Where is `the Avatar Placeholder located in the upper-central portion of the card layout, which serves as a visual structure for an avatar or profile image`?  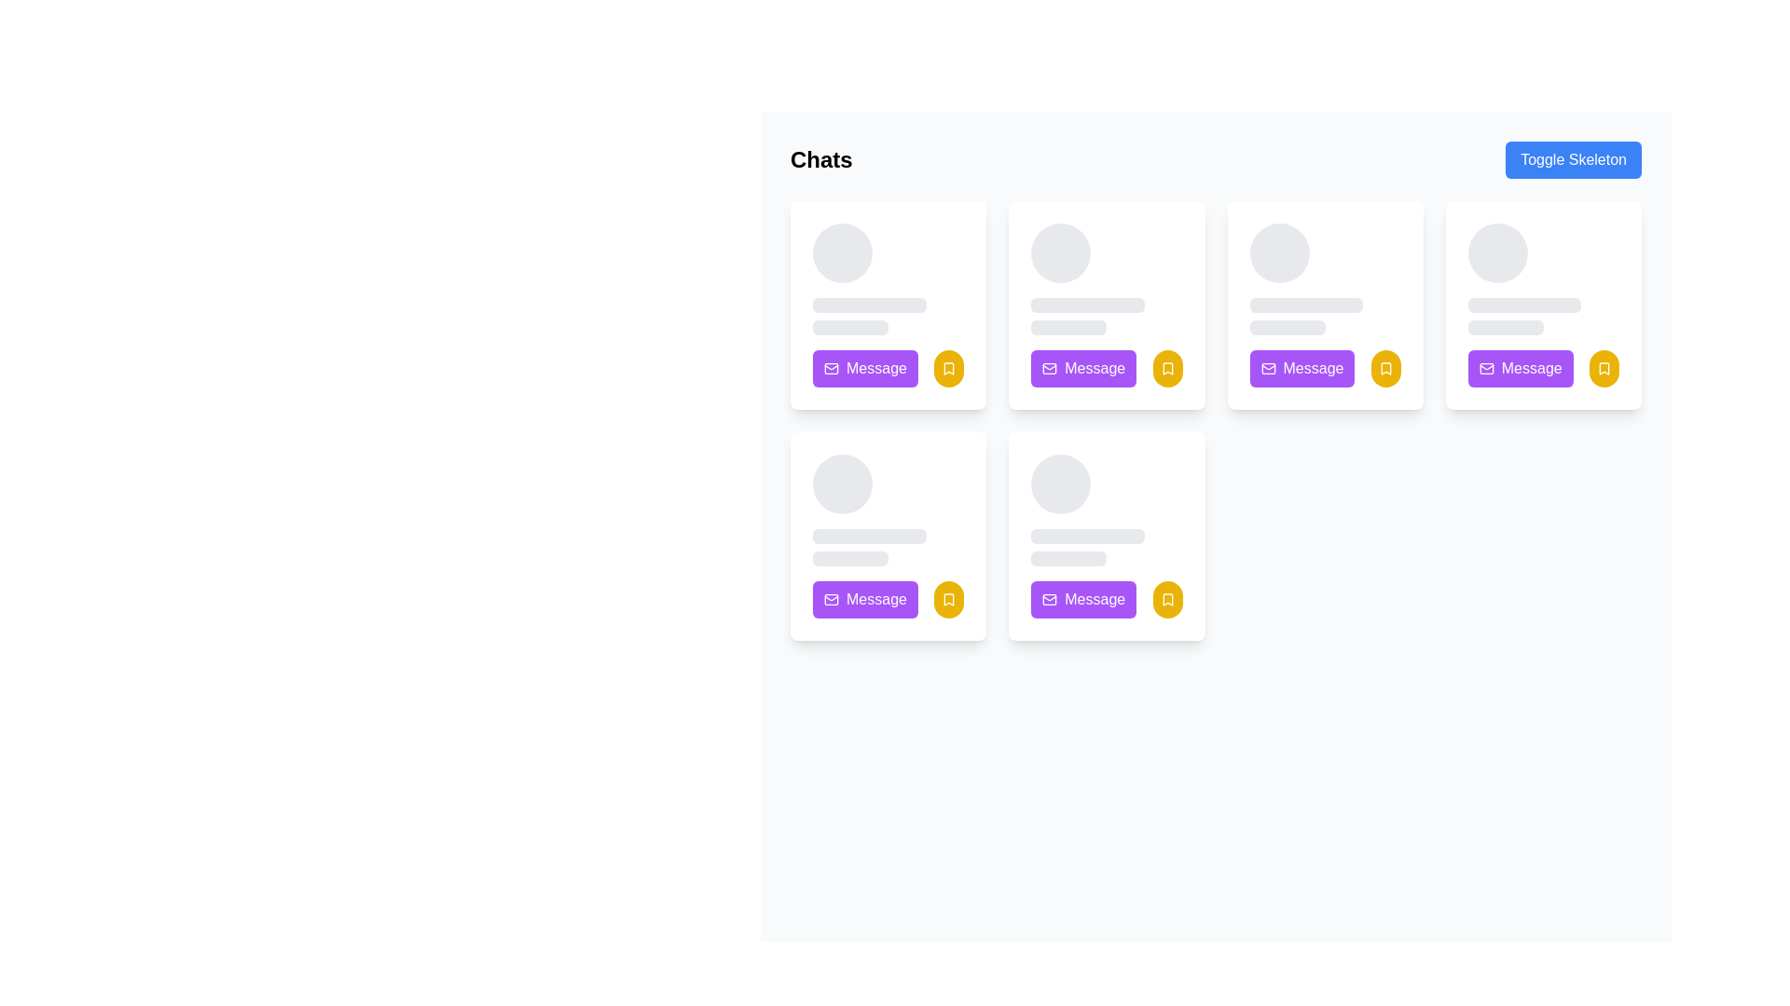 the Avatar Placeholder located in the upper-central portion of the card layout, which serves as a visual structure for an avatar or profile image is located at coordinates (1278, 253).